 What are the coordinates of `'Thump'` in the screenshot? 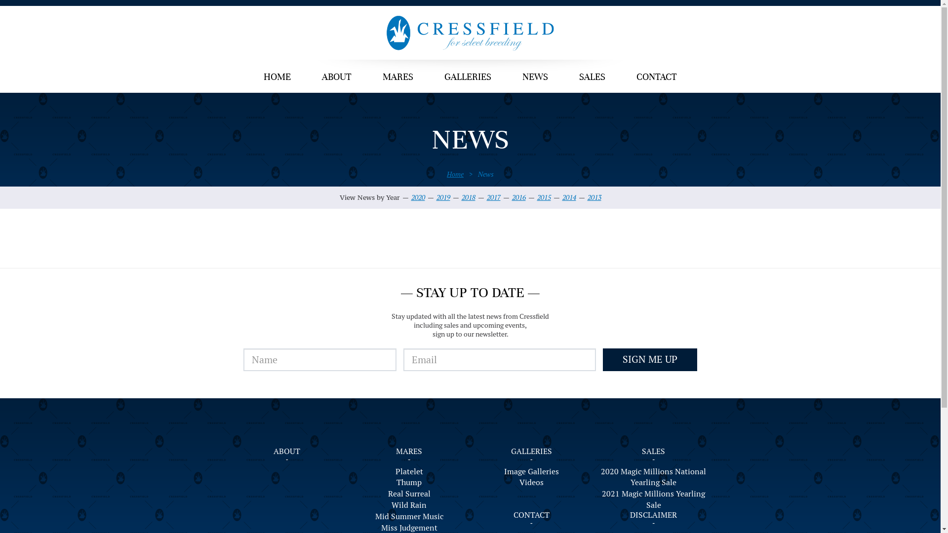 It's located at (409, 482).